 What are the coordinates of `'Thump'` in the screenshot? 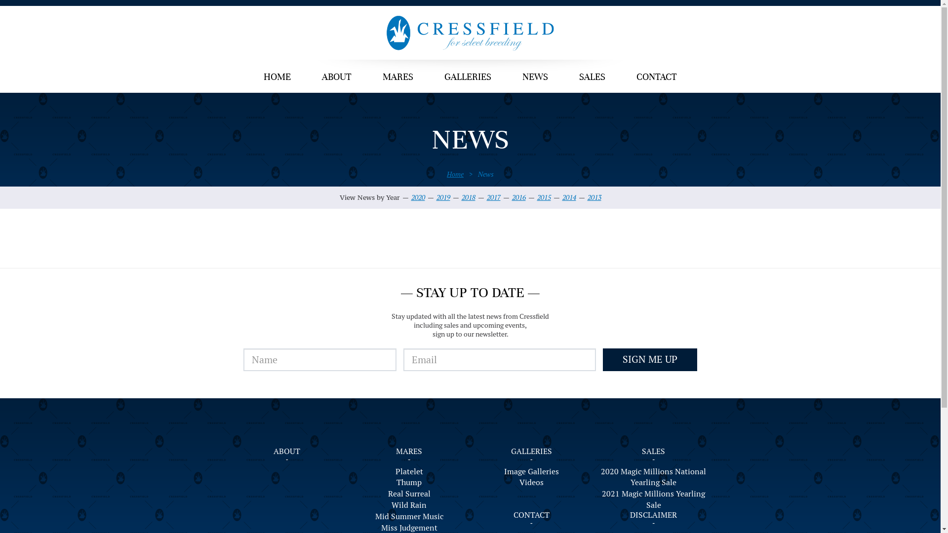 It's located at (409, 482).